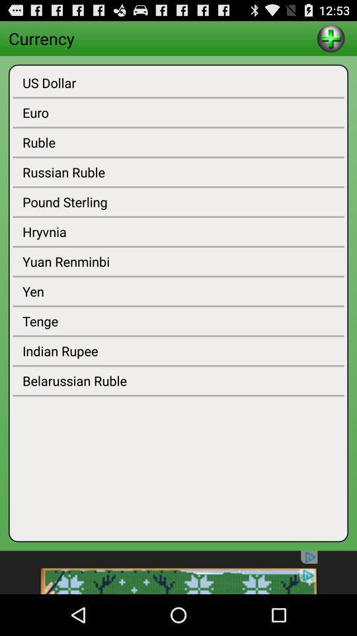 This screenshot has height=636, width=357. I want to click on go do add, so click(330, 37).